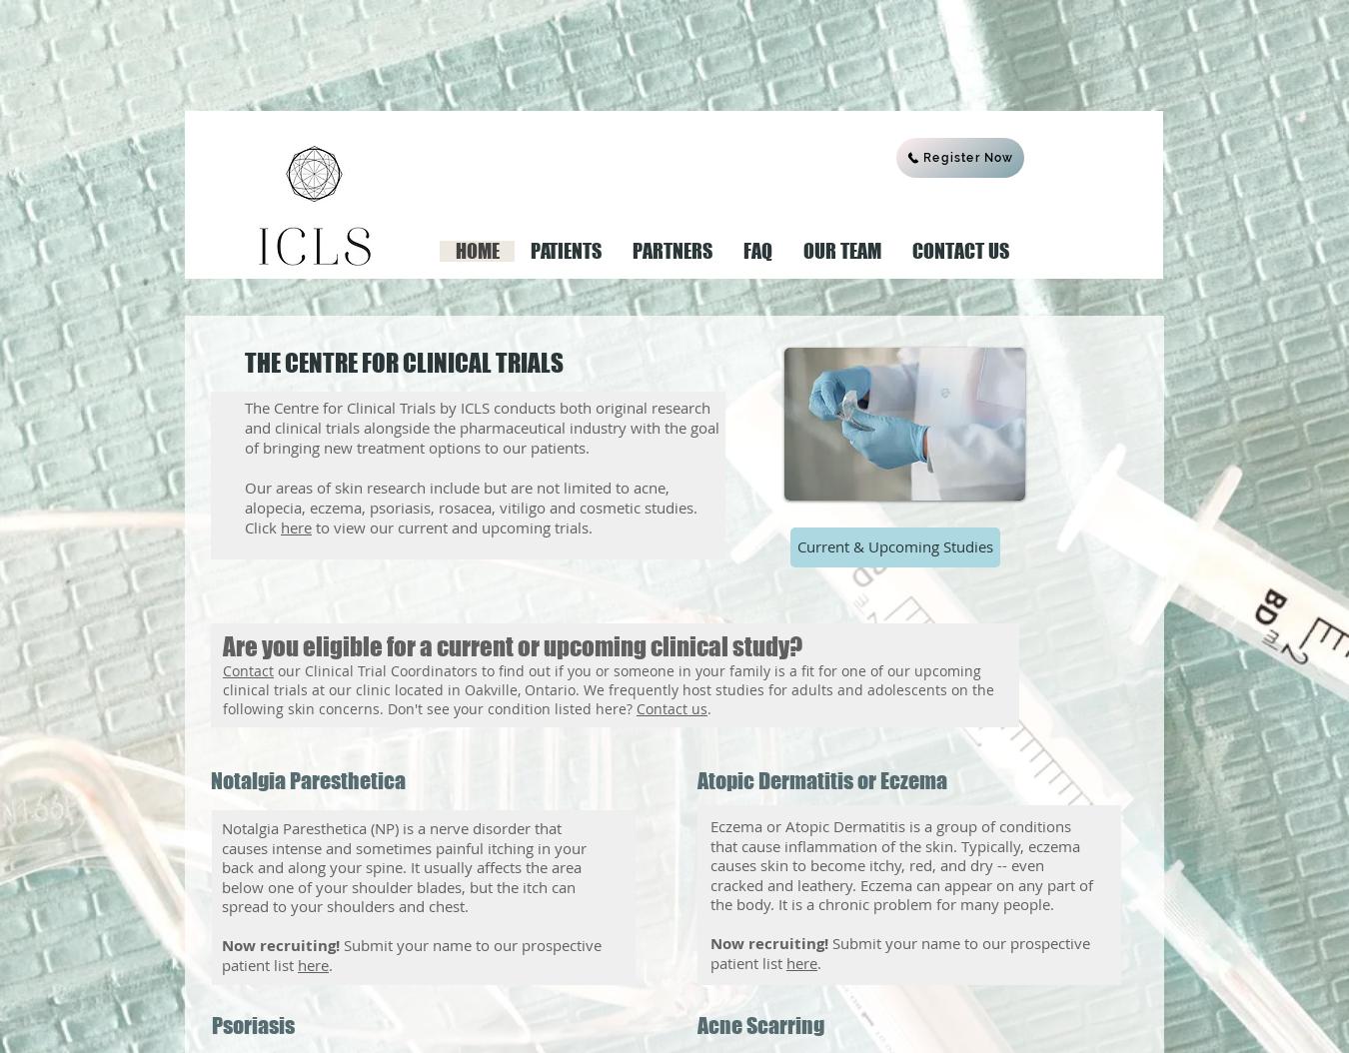 The height and width of the screenshot is (1053, 1349). I want to click on 'to view our current and upcoming trials.', so click(455, 526).